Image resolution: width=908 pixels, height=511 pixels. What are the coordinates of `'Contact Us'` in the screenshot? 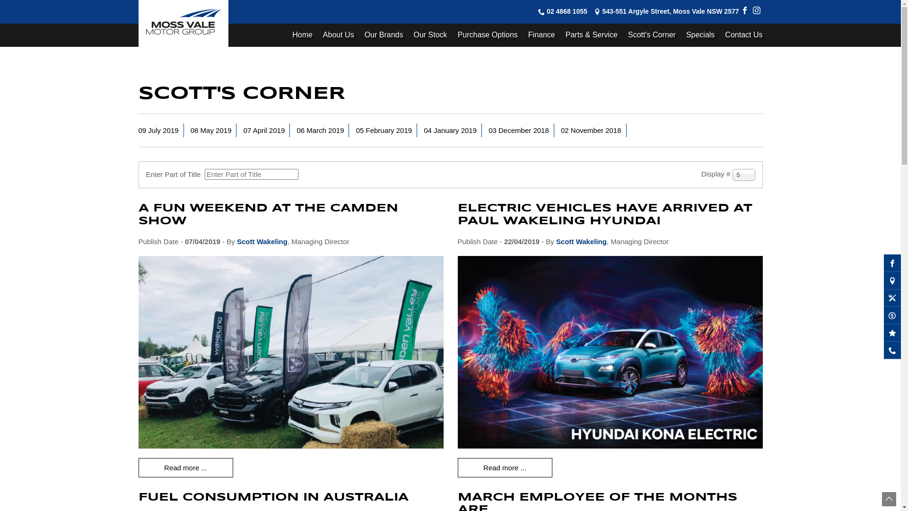 It's located at (740, 34).